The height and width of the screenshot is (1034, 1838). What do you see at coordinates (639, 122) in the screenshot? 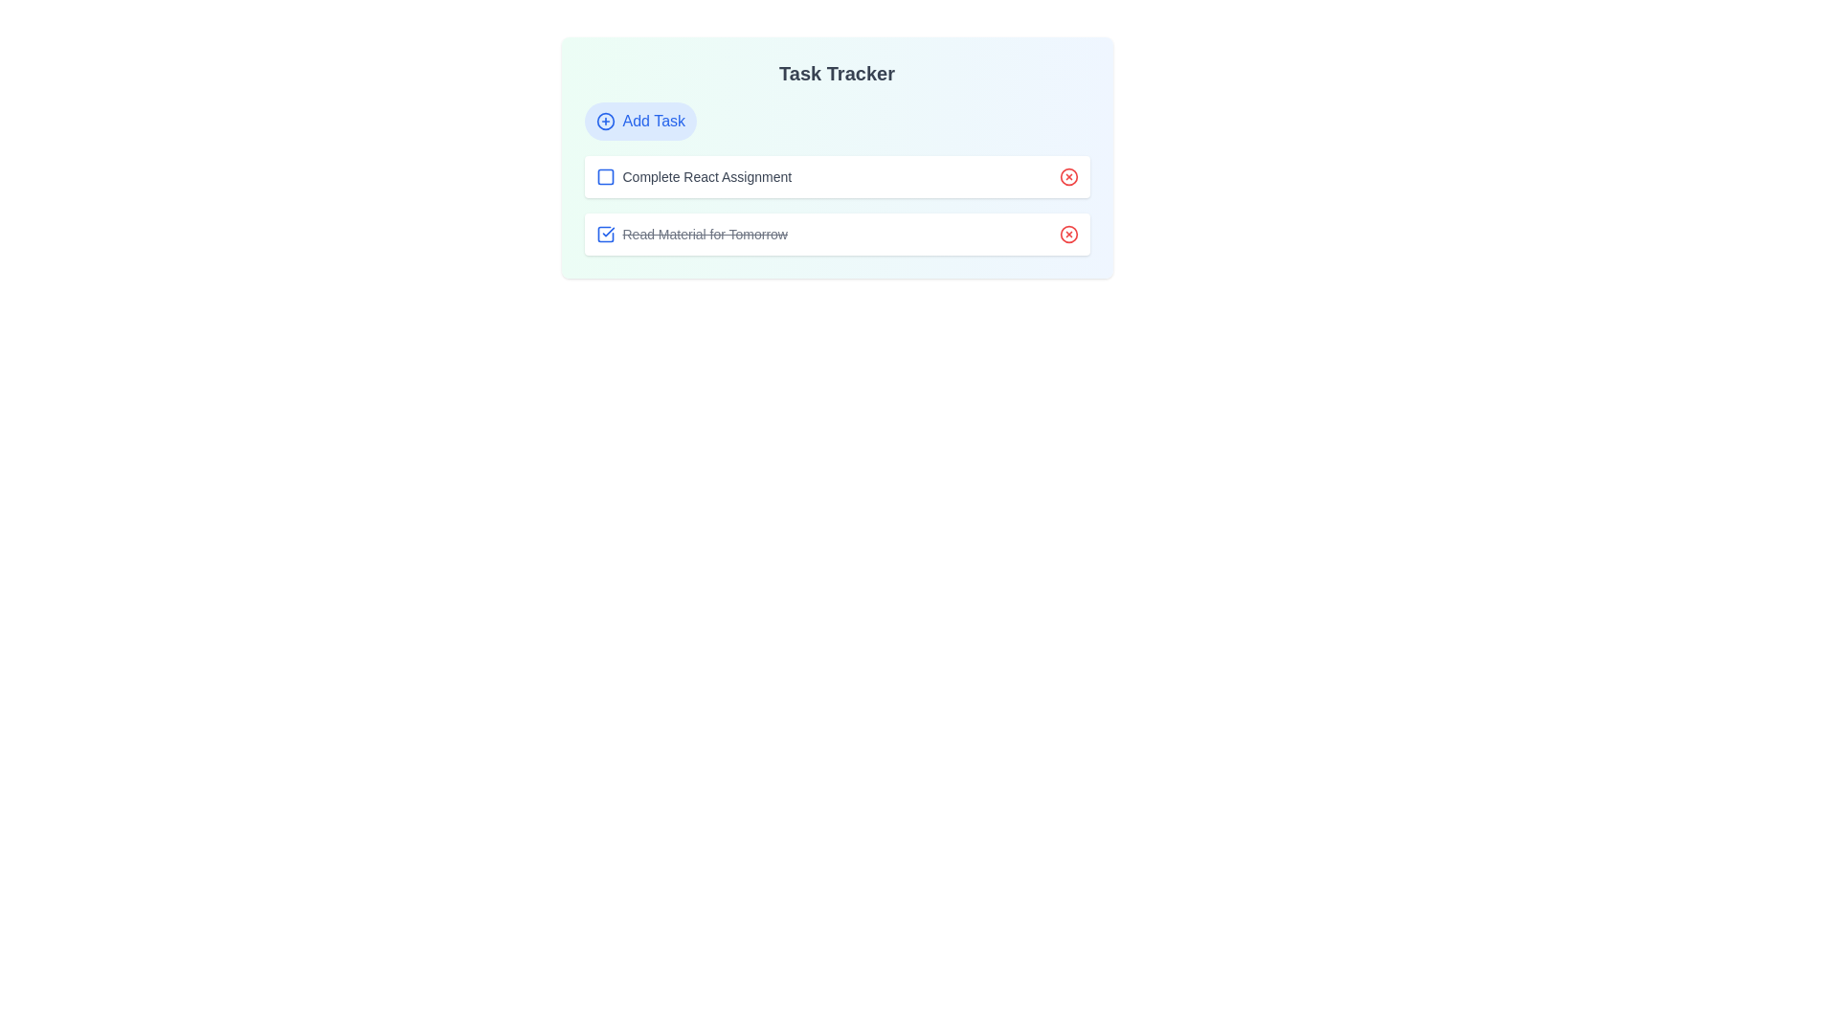
I see `the 'Add Task' button to add a new task` at bounding box center [639, 122].